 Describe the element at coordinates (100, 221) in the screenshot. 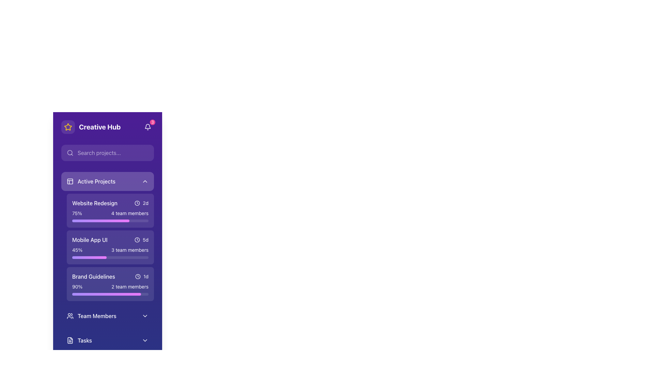

I see `completion percentage` at that location.